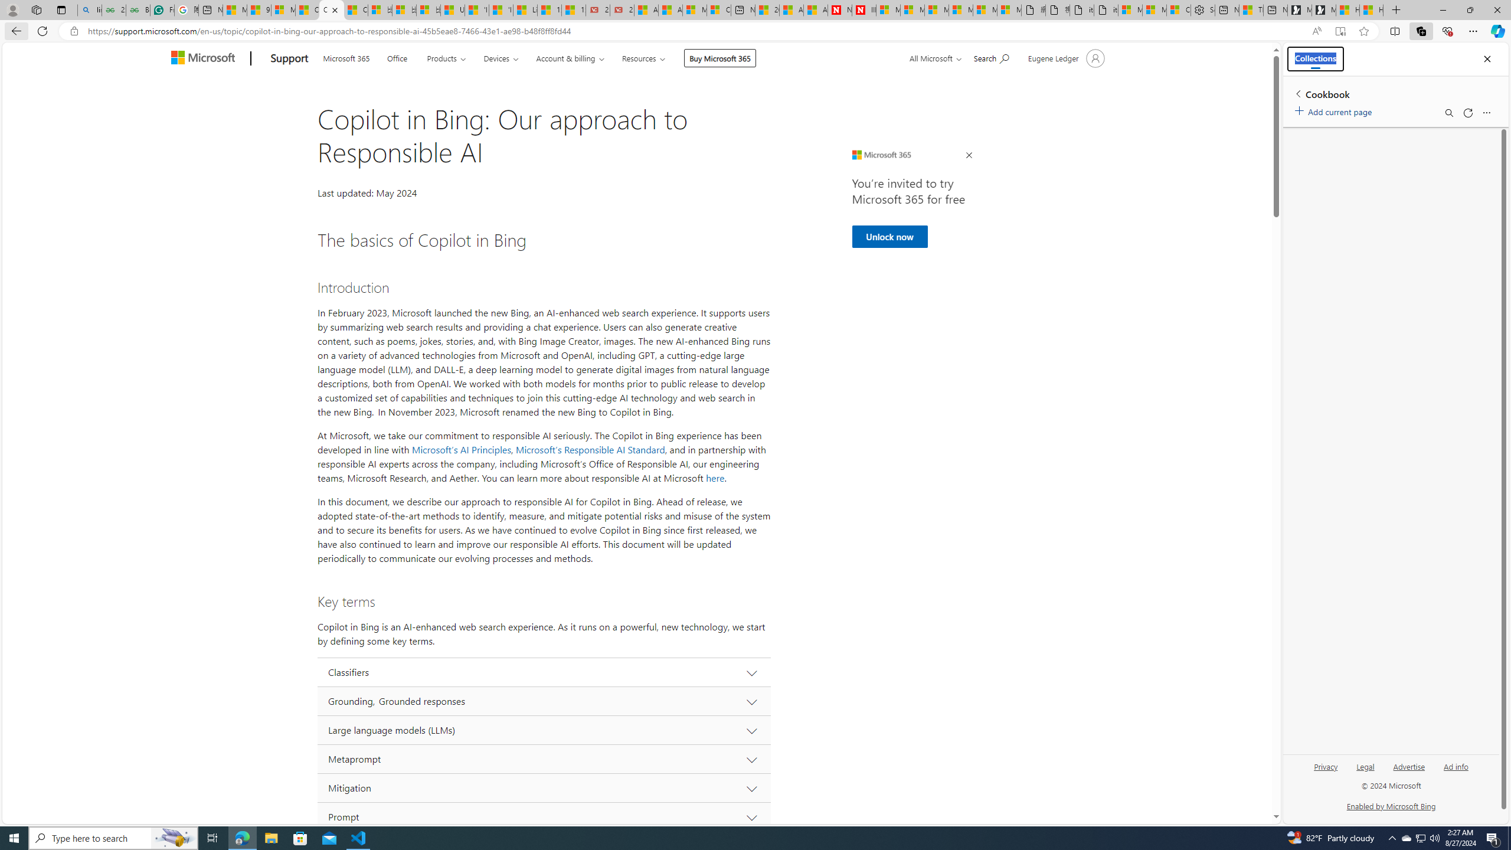 The height and width of the screenshot is (850, 1511). What do you see at coordinates (1366, 766) in the screenshot?
I see `'Legal'` at bounding box center [1366, 766].